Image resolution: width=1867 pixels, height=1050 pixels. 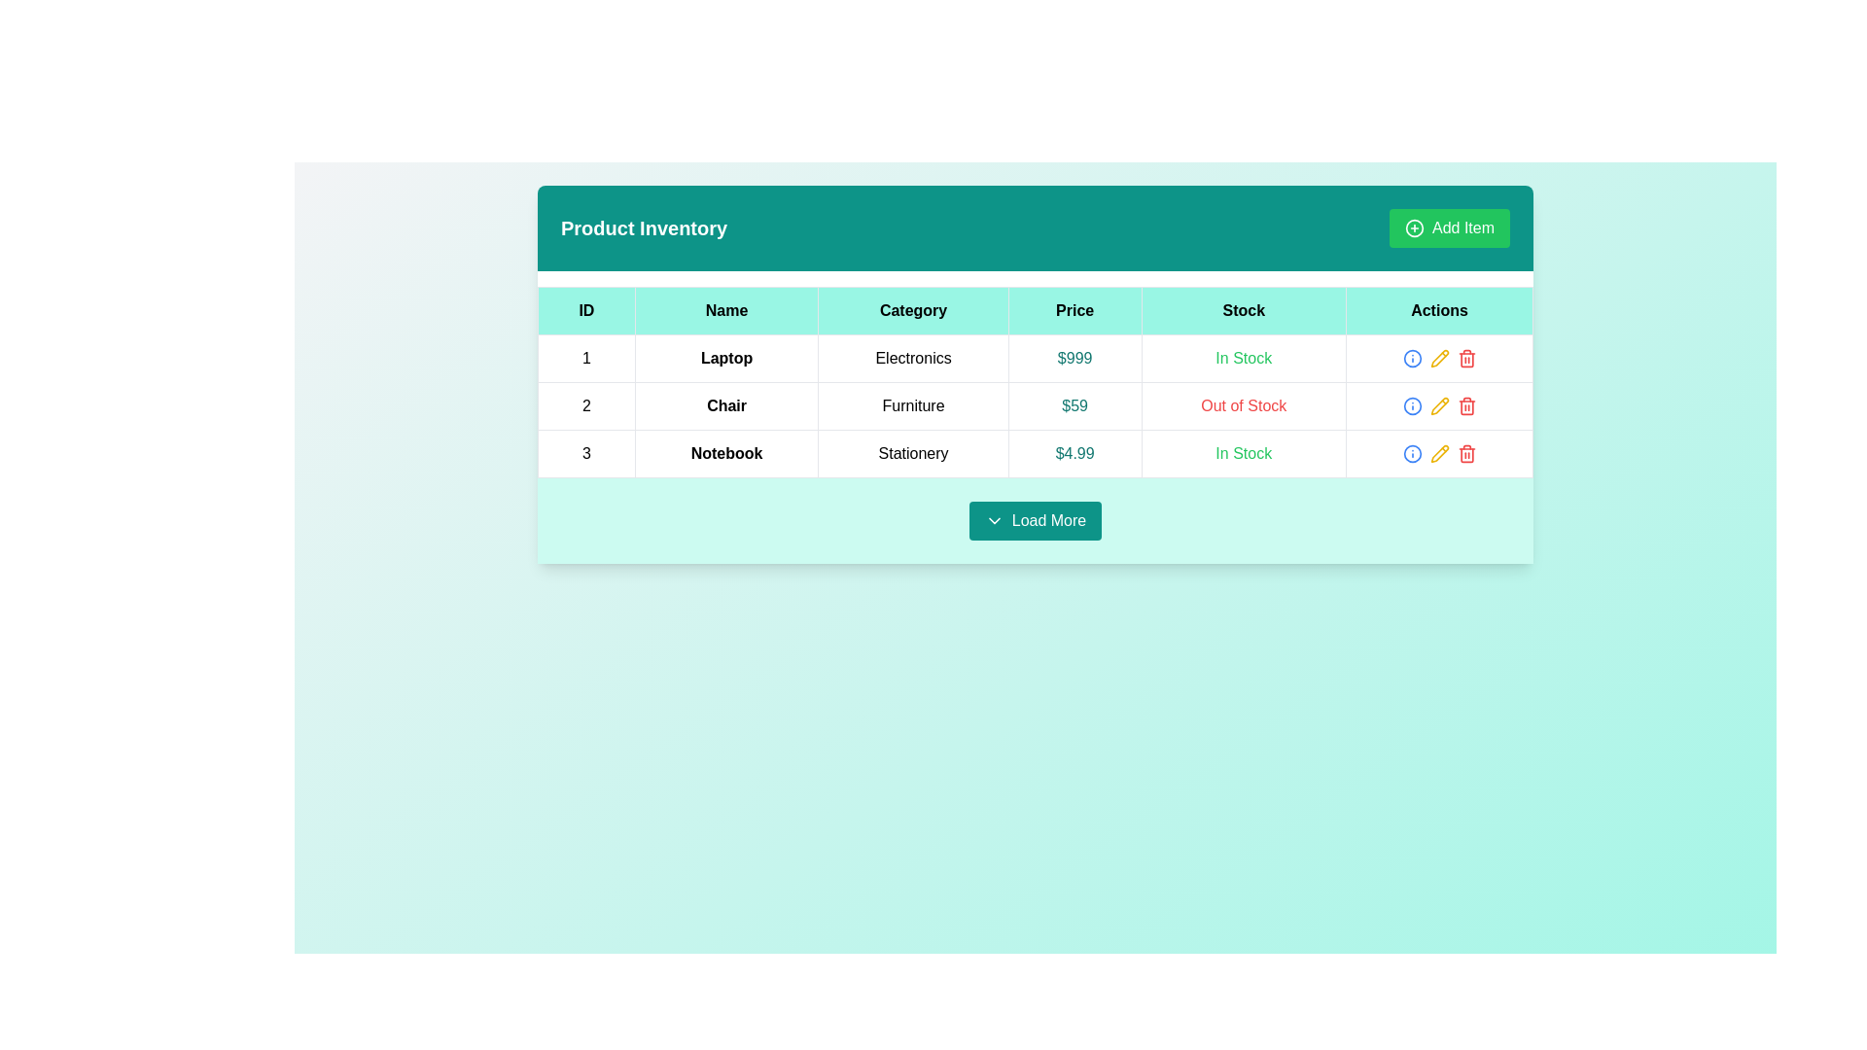 I want to click on the text label that identifies the product name 'Chair' in the inventory table, located in the second row and second column under the 'Name' header, so click(x=725, y=404).